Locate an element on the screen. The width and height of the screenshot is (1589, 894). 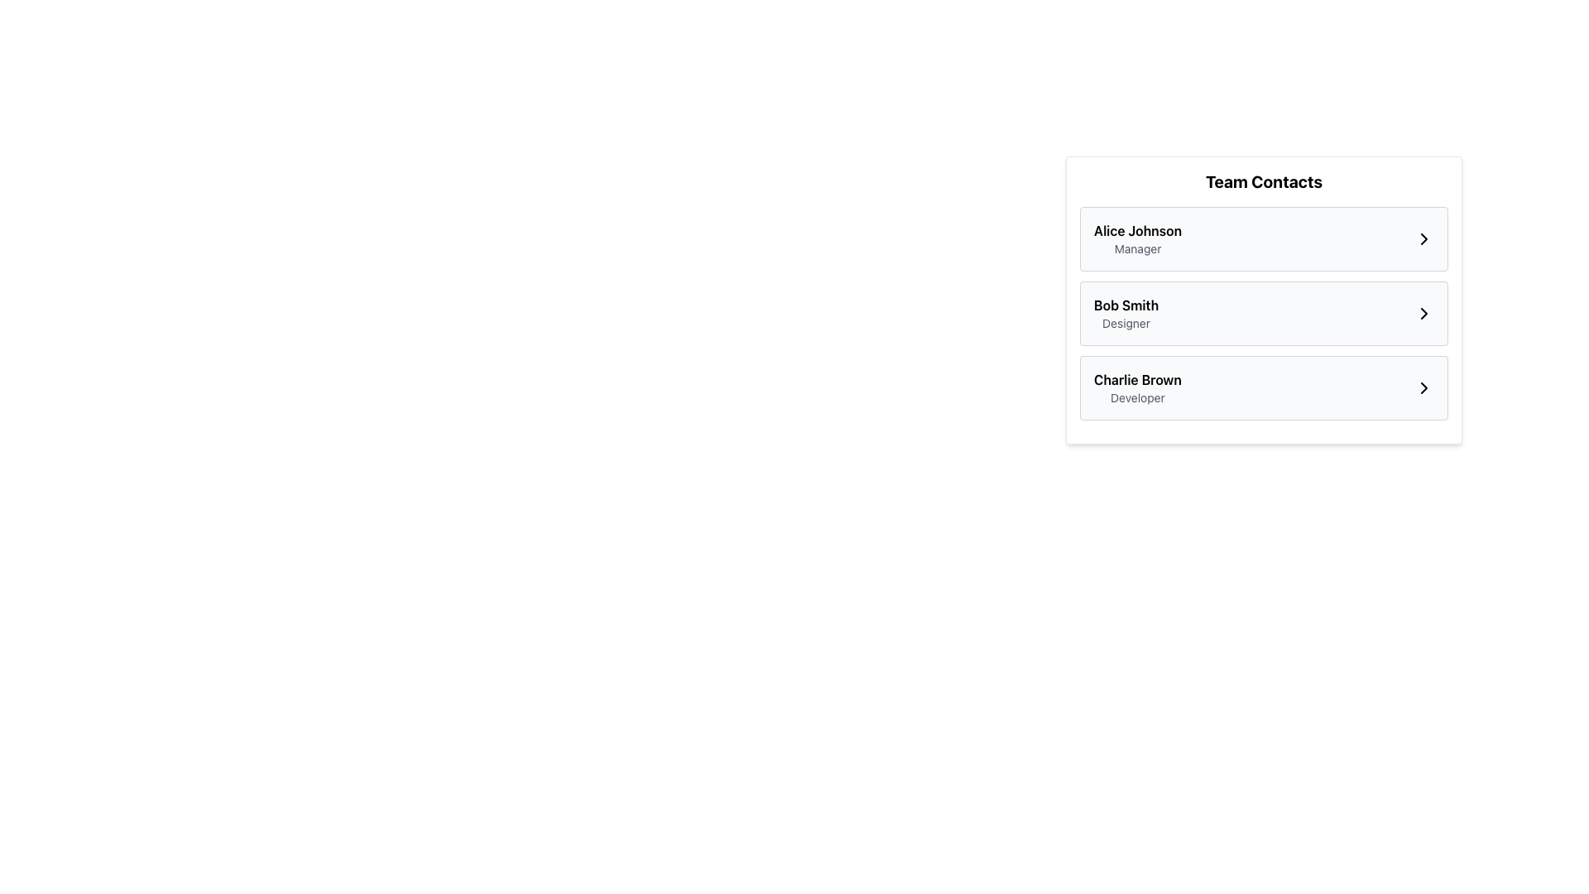
the second entry in the 'Team Contacts' list, which displays the contact information for a team member is located at coordinates (1263, 300).